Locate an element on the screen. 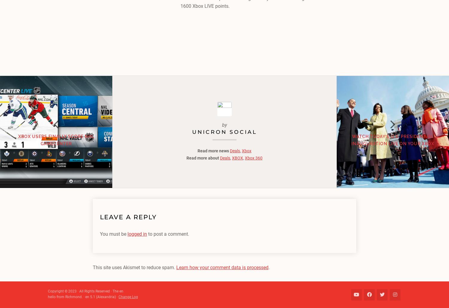 The width and height of the screenshot is (449, 308). 'Change Log' is located at coordinates (128, 296).